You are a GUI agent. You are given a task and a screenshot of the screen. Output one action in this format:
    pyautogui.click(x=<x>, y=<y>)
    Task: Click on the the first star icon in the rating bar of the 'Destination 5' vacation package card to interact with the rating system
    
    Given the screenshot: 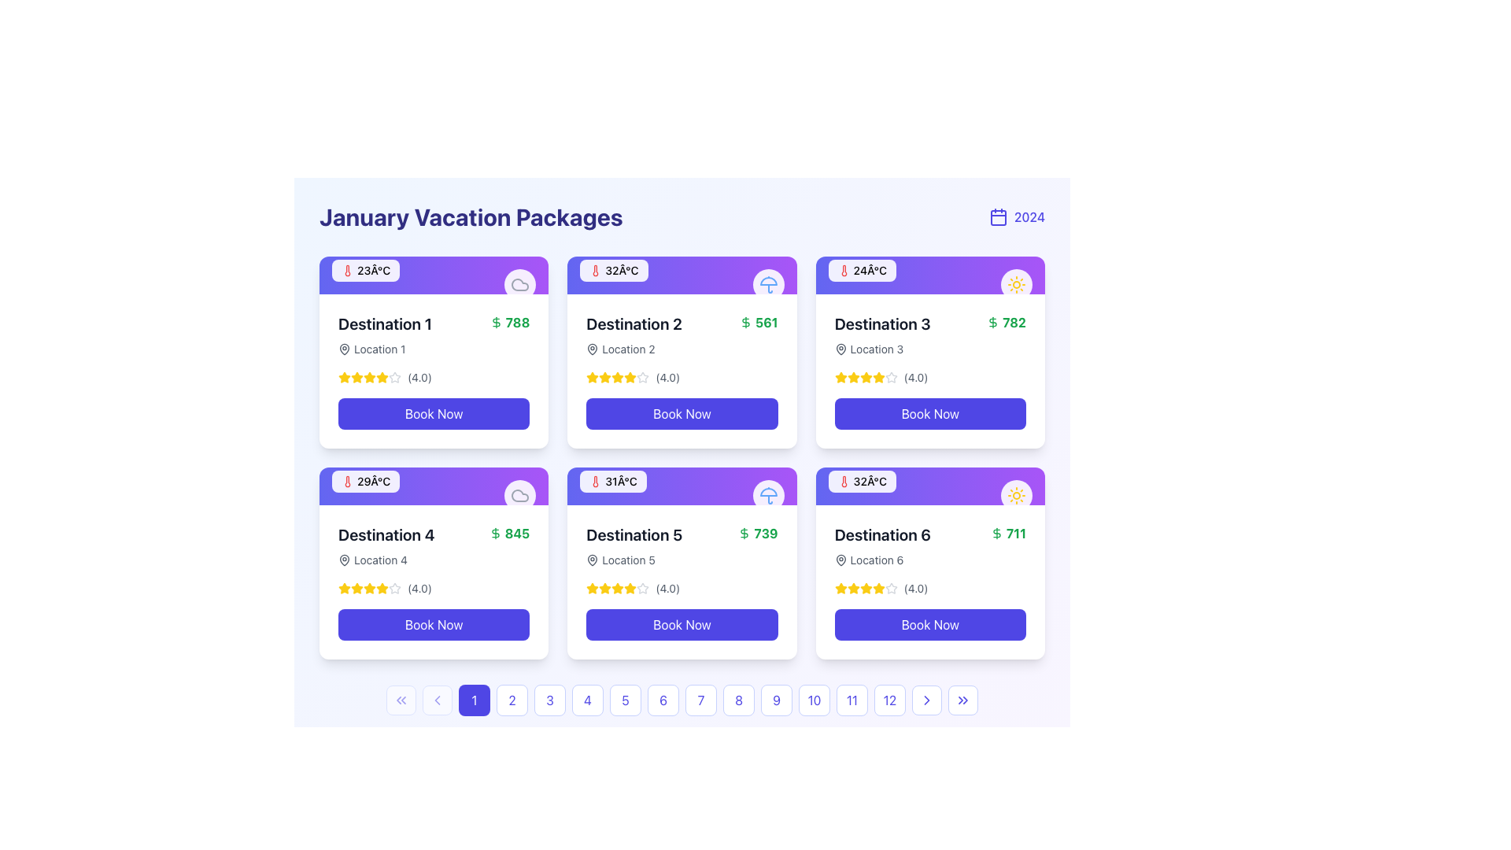 What is the action you would take?
    pyautogui.click(x=604, y=588)
    